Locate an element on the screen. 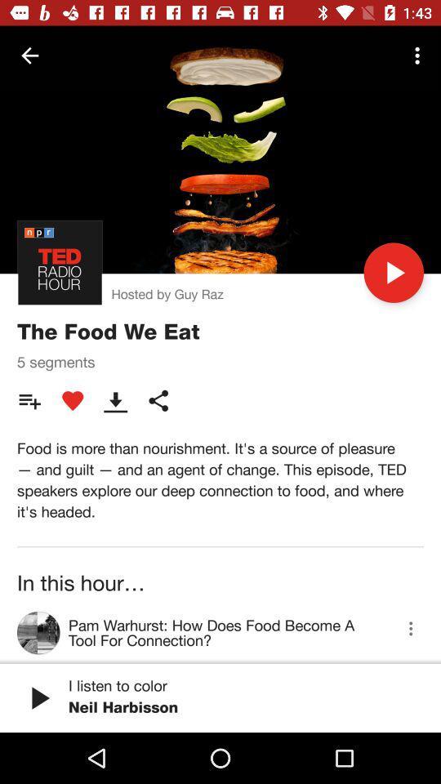 This screenshot has height=784, width=441. icon on the right is located at coordinates (393, 273).